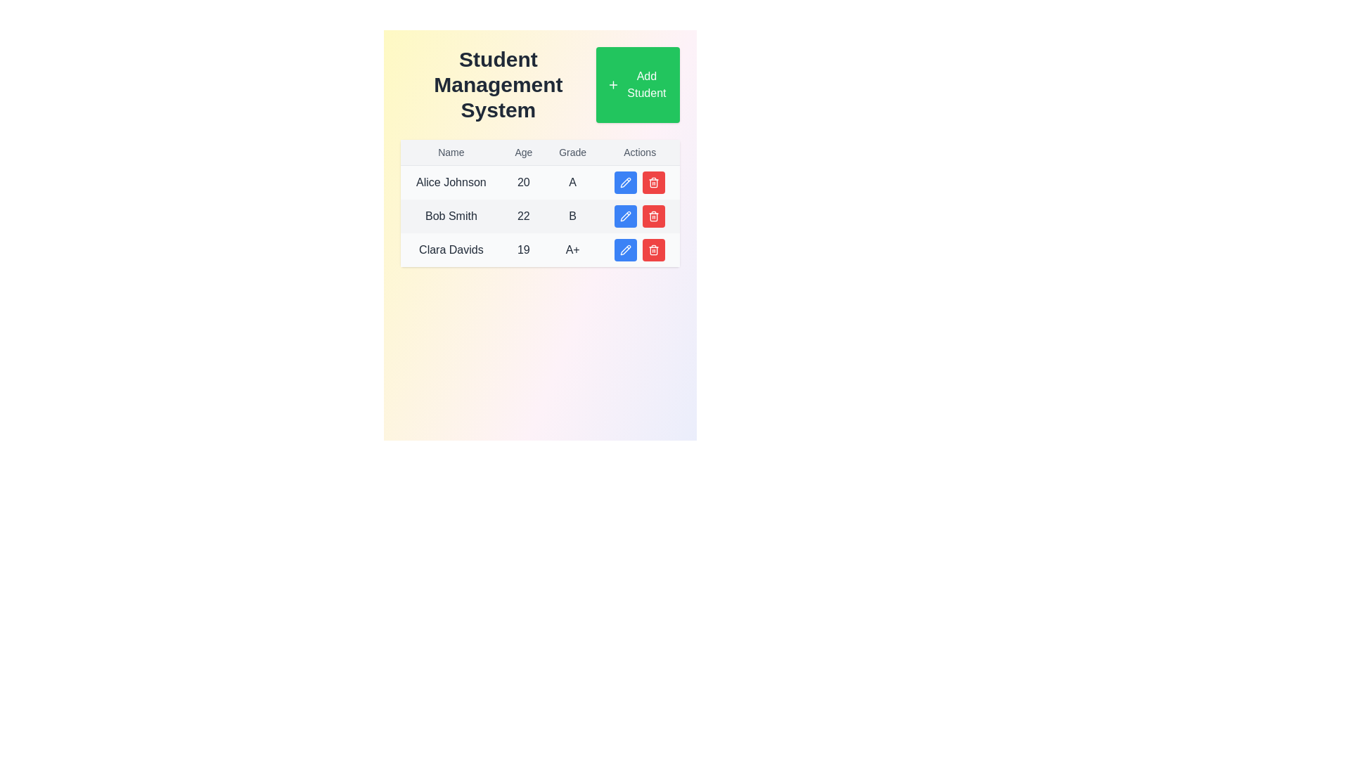 This screenshot has height=759, width=1350. What do you see at coordinates (625, 181) in the screenshot?
I see `the 'Edit' icon located in the Actions column of the table for the row labeled 'Alice Johnson' to initiate editing` at bounding box center [625, 181].